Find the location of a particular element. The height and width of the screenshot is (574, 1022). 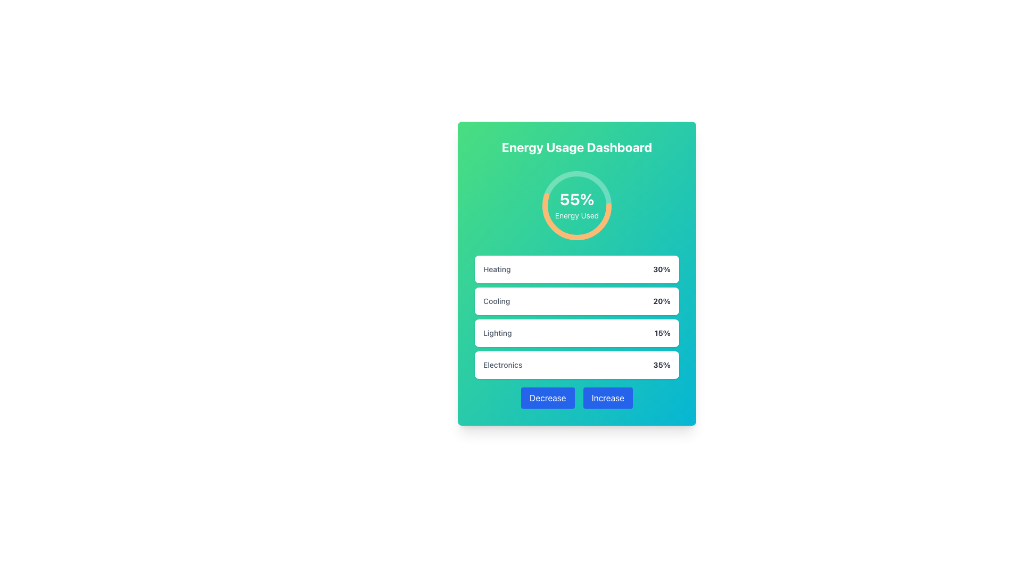

the 'Decrease' button, which has a blue background and white text, to initiate the scaling effect is located at coordinates (548, 398).